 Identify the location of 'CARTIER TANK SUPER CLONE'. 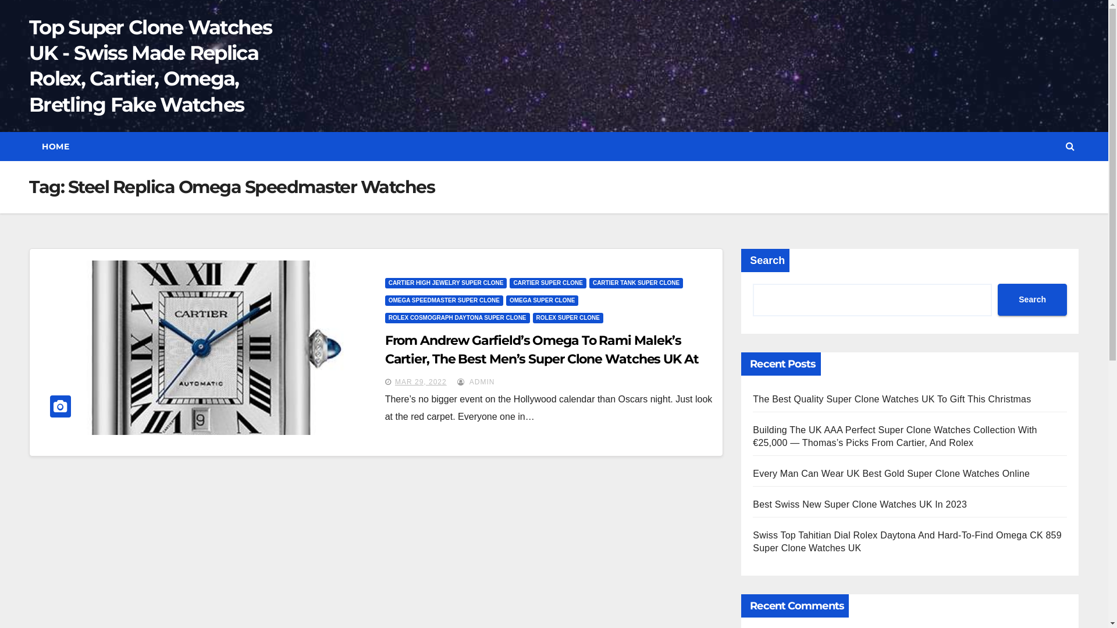
(635, 283).